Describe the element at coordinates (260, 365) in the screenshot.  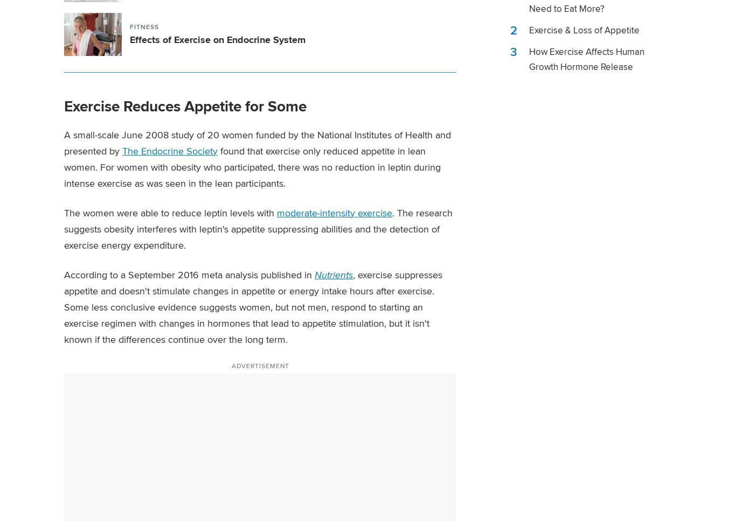
I see `'Advertisement'` at that location.